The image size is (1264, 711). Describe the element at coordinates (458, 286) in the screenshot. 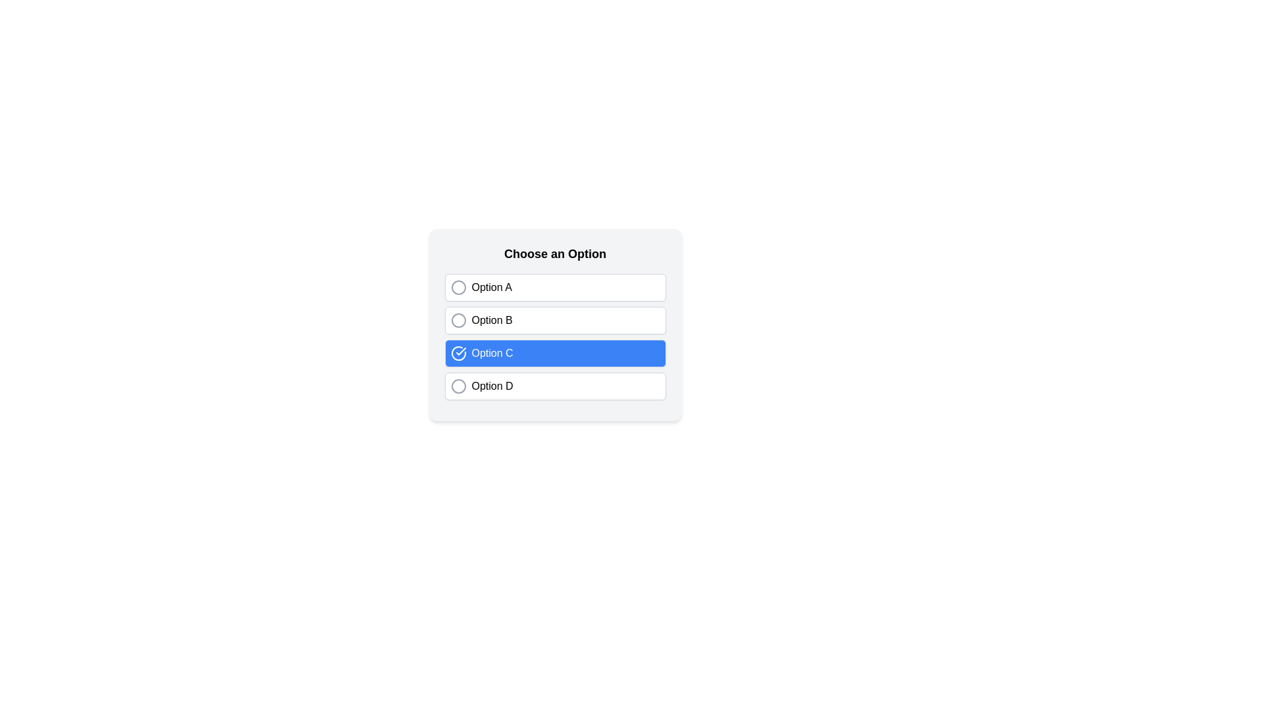

I see `the decorative circle icon adjacent to the label 'Option A' in the selection list` at that location.